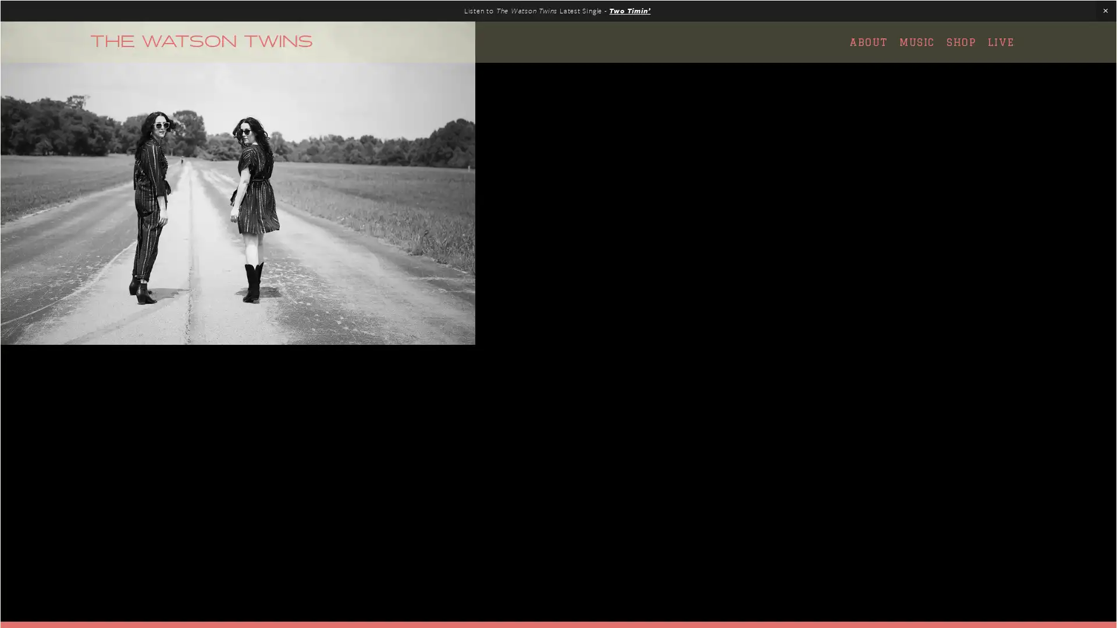 The image size is (1117, 628). What do you see at coordinates (1105, 11) in the screenshot?
I see `Close Announcement` at bounding box center [1105, 11].